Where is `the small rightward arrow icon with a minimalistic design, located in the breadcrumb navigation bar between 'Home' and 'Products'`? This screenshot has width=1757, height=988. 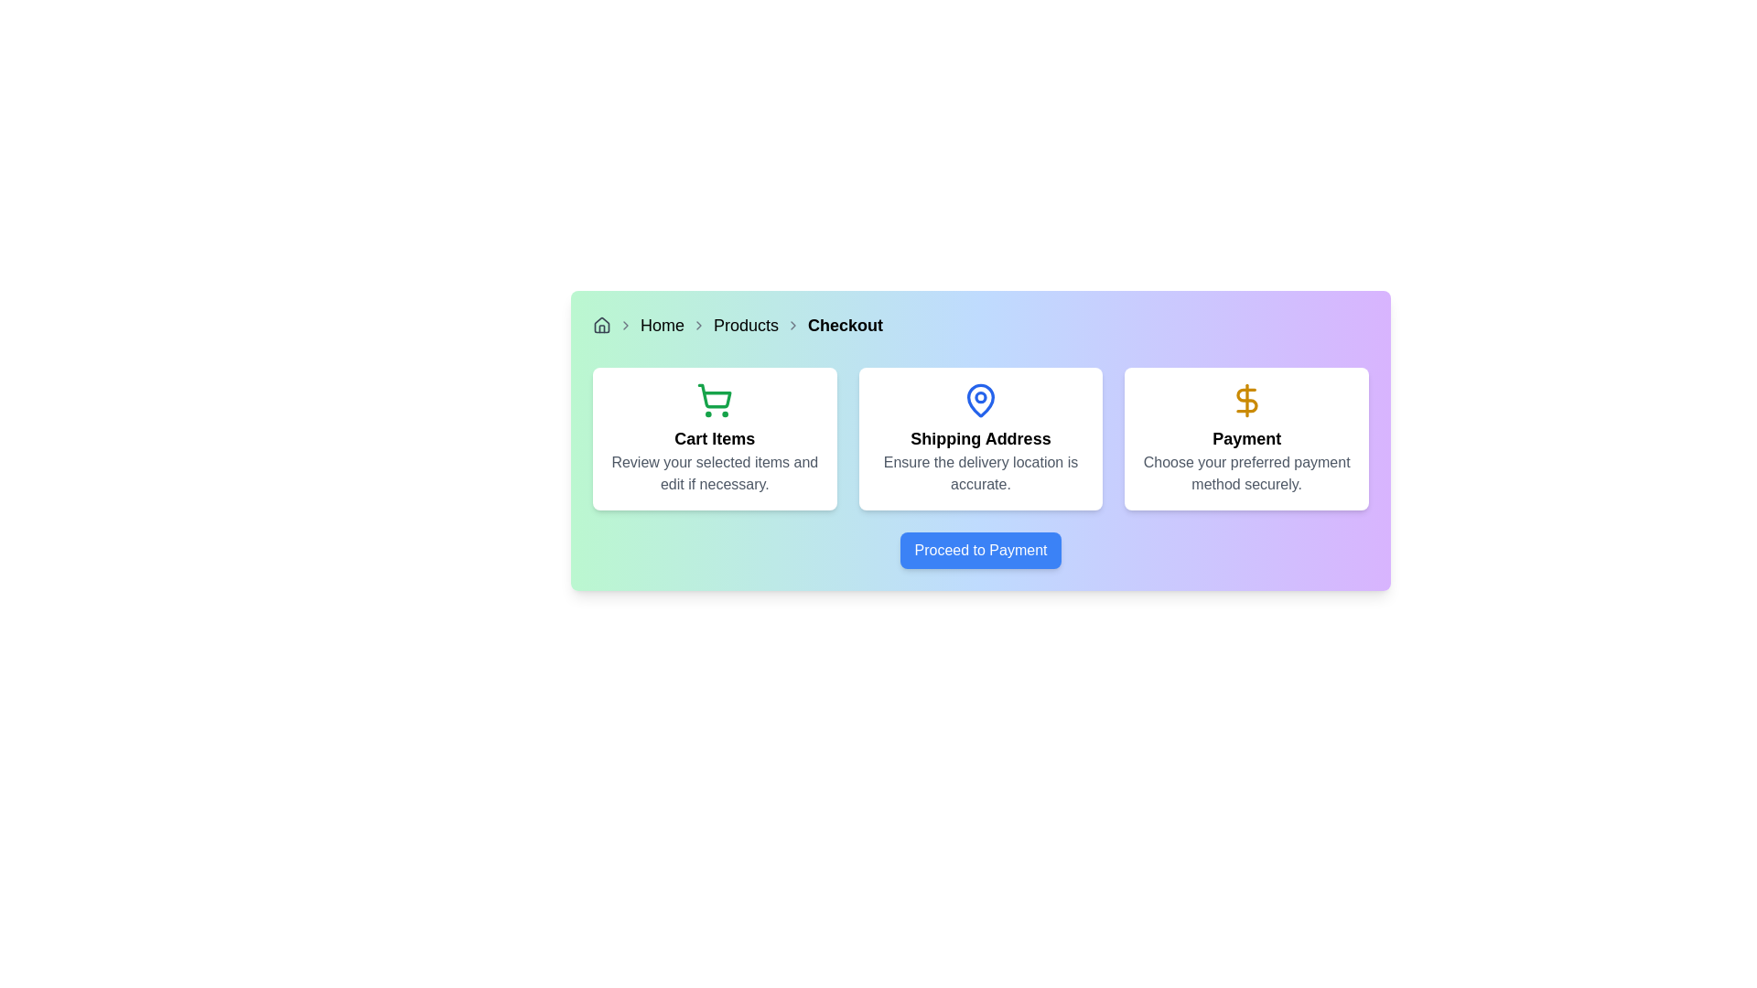 the small rightward arrow icon with a minimalistic design, located in the breadcrumb navigation bar between 'Home' and 'Products' is located at coordinates (697, 324).